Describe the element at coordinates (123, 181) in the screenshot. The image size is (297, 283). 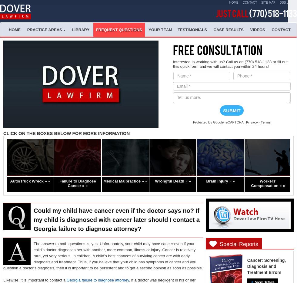
I see `'Medical Malpractice »'` at that location.